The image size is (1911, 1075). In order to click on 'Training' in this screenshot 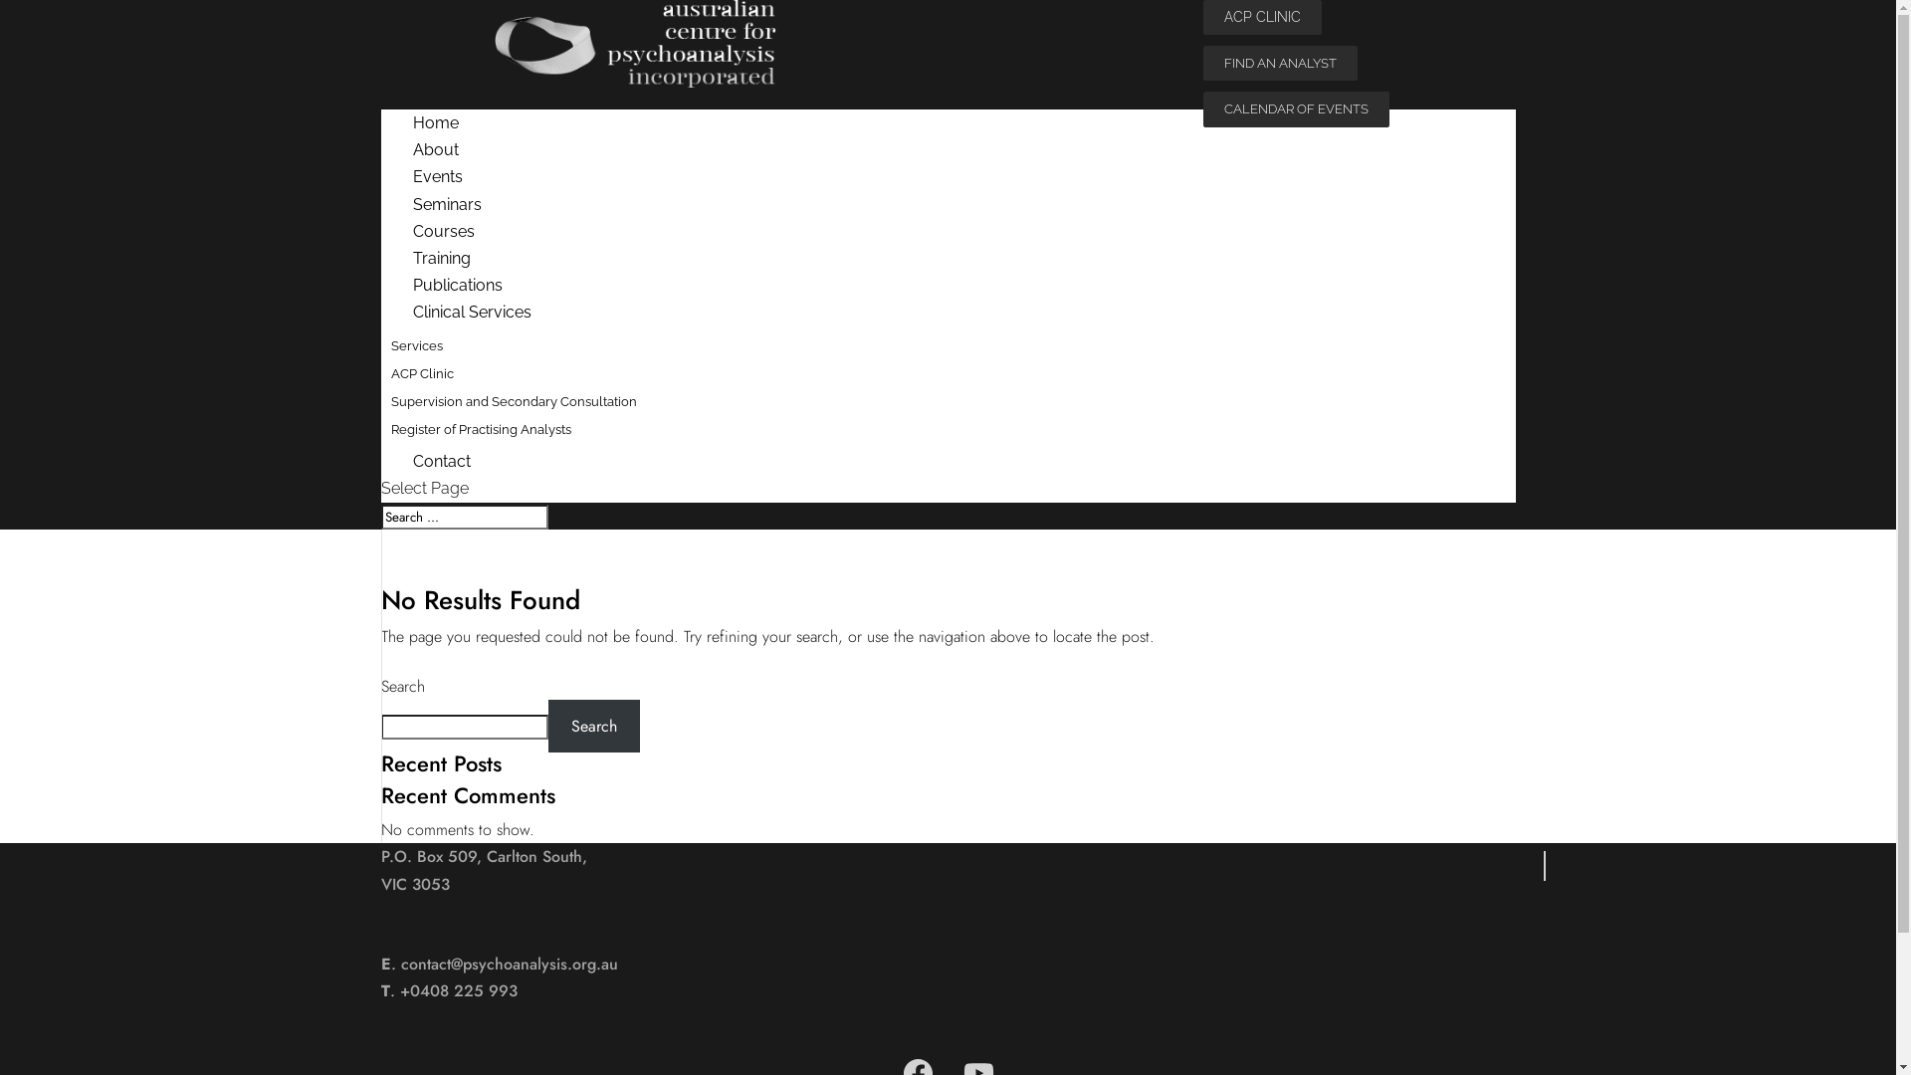, I will do `click(440, 257)`.